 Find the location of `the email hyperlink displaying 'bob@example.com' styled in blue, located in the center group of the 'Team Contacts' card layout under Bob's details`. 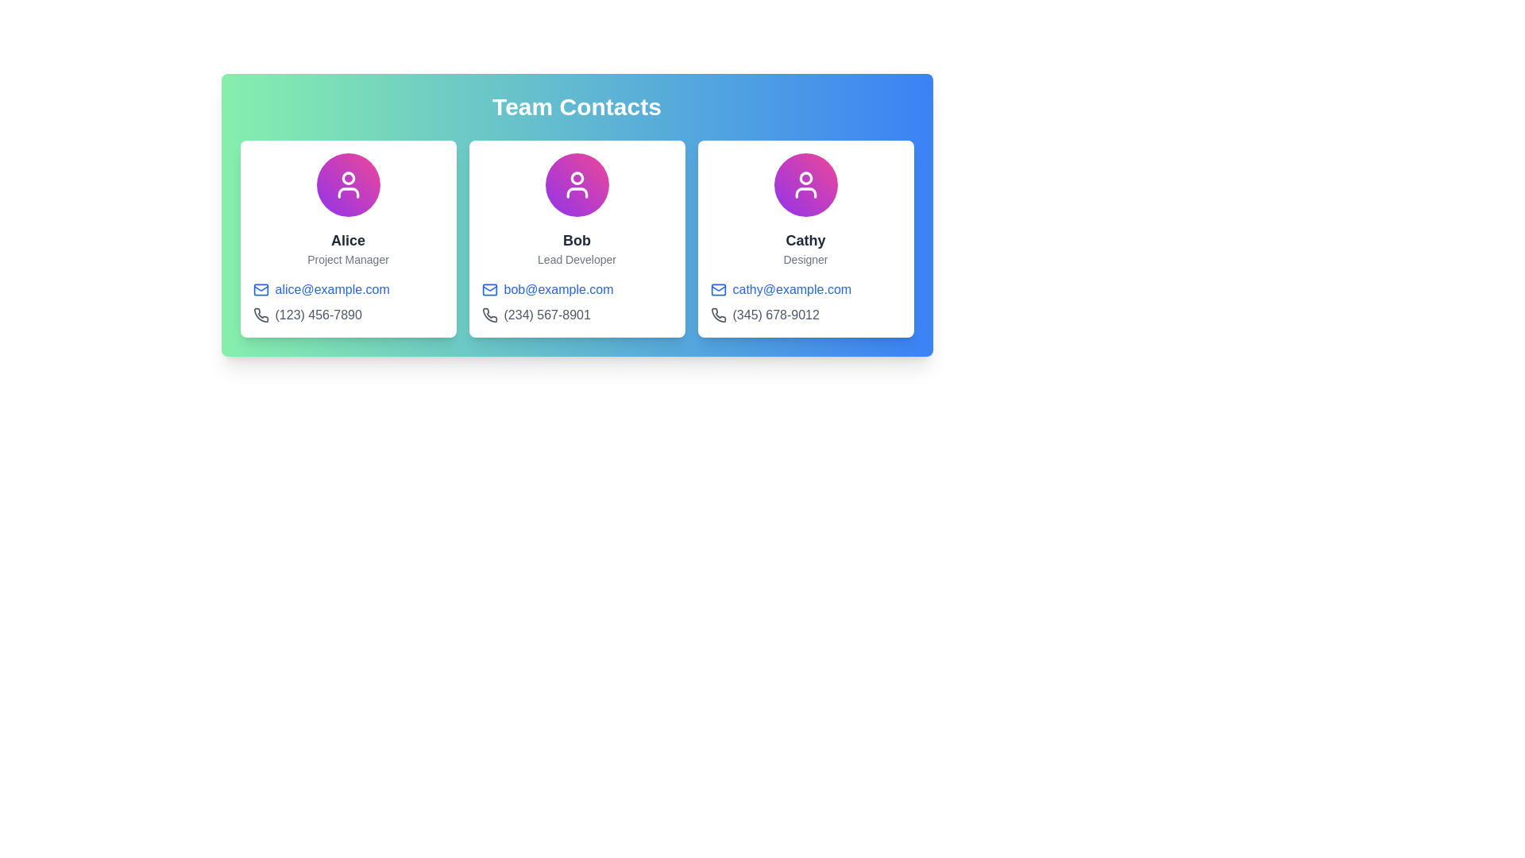

the email hyperlink displaying 'bob@example.com' styled in blue, located in the center group of the 'Team Contacts' card layout under Bob's details is located at coordinates (576, 290).